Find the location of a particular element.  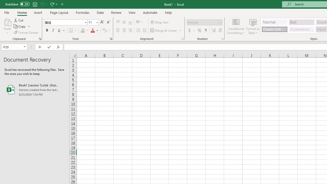

'Increase Font Size' is located at coordinates (102, 22).